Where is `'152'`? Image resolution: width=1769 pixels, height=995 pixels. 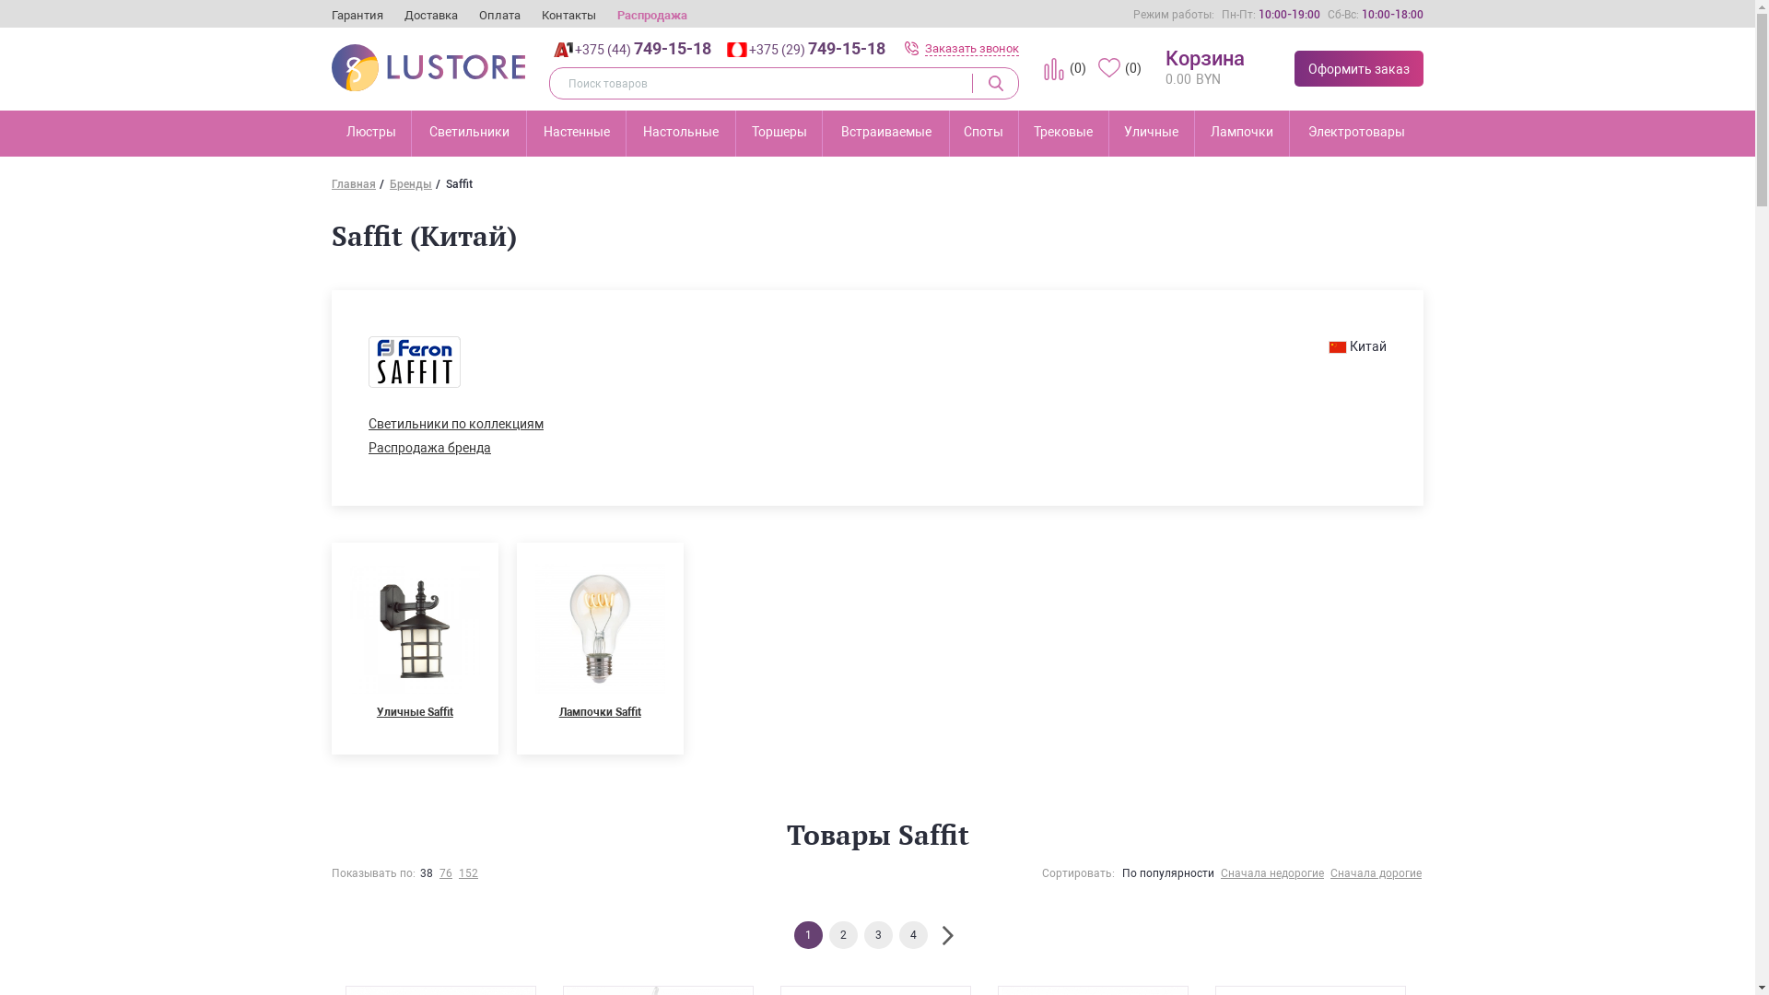
'152' is located at coordinates (468, 872).